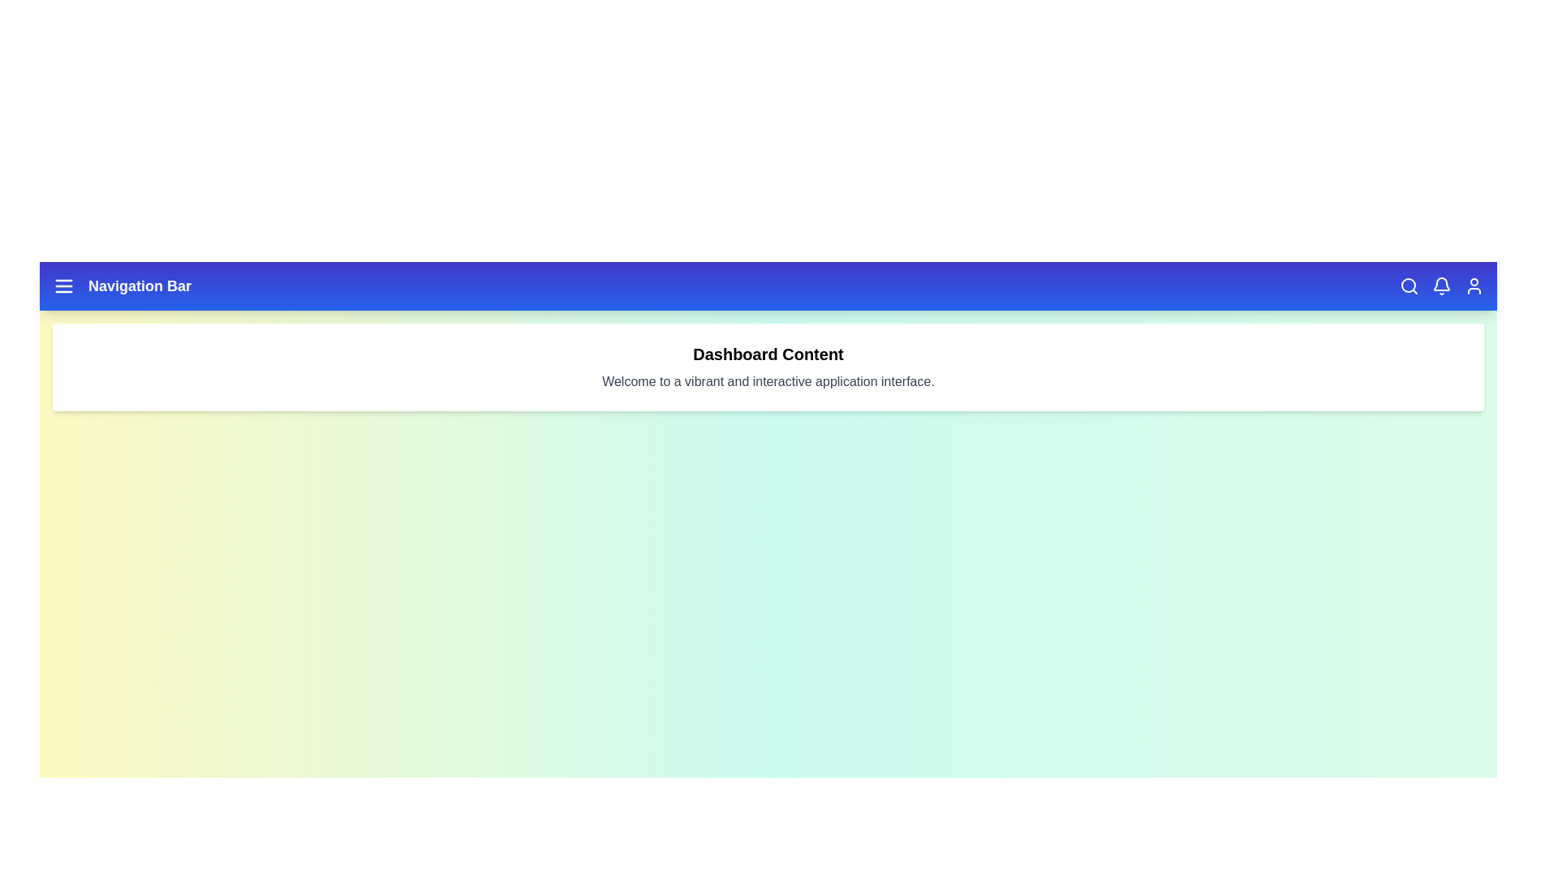 This screenshot has height=876, width=1558. I want to click on menu icon to open the navigation menu, so click(63, 286).